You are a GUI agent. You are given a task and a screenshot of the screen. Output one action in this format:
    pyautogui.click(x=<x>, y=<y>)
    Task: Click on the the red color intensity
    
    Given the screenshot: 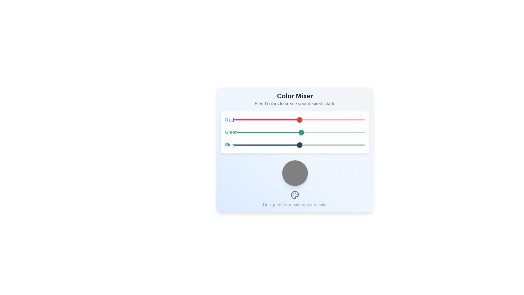 What is the action you would take?
    pyautogui.click(x=327, y=120)
    